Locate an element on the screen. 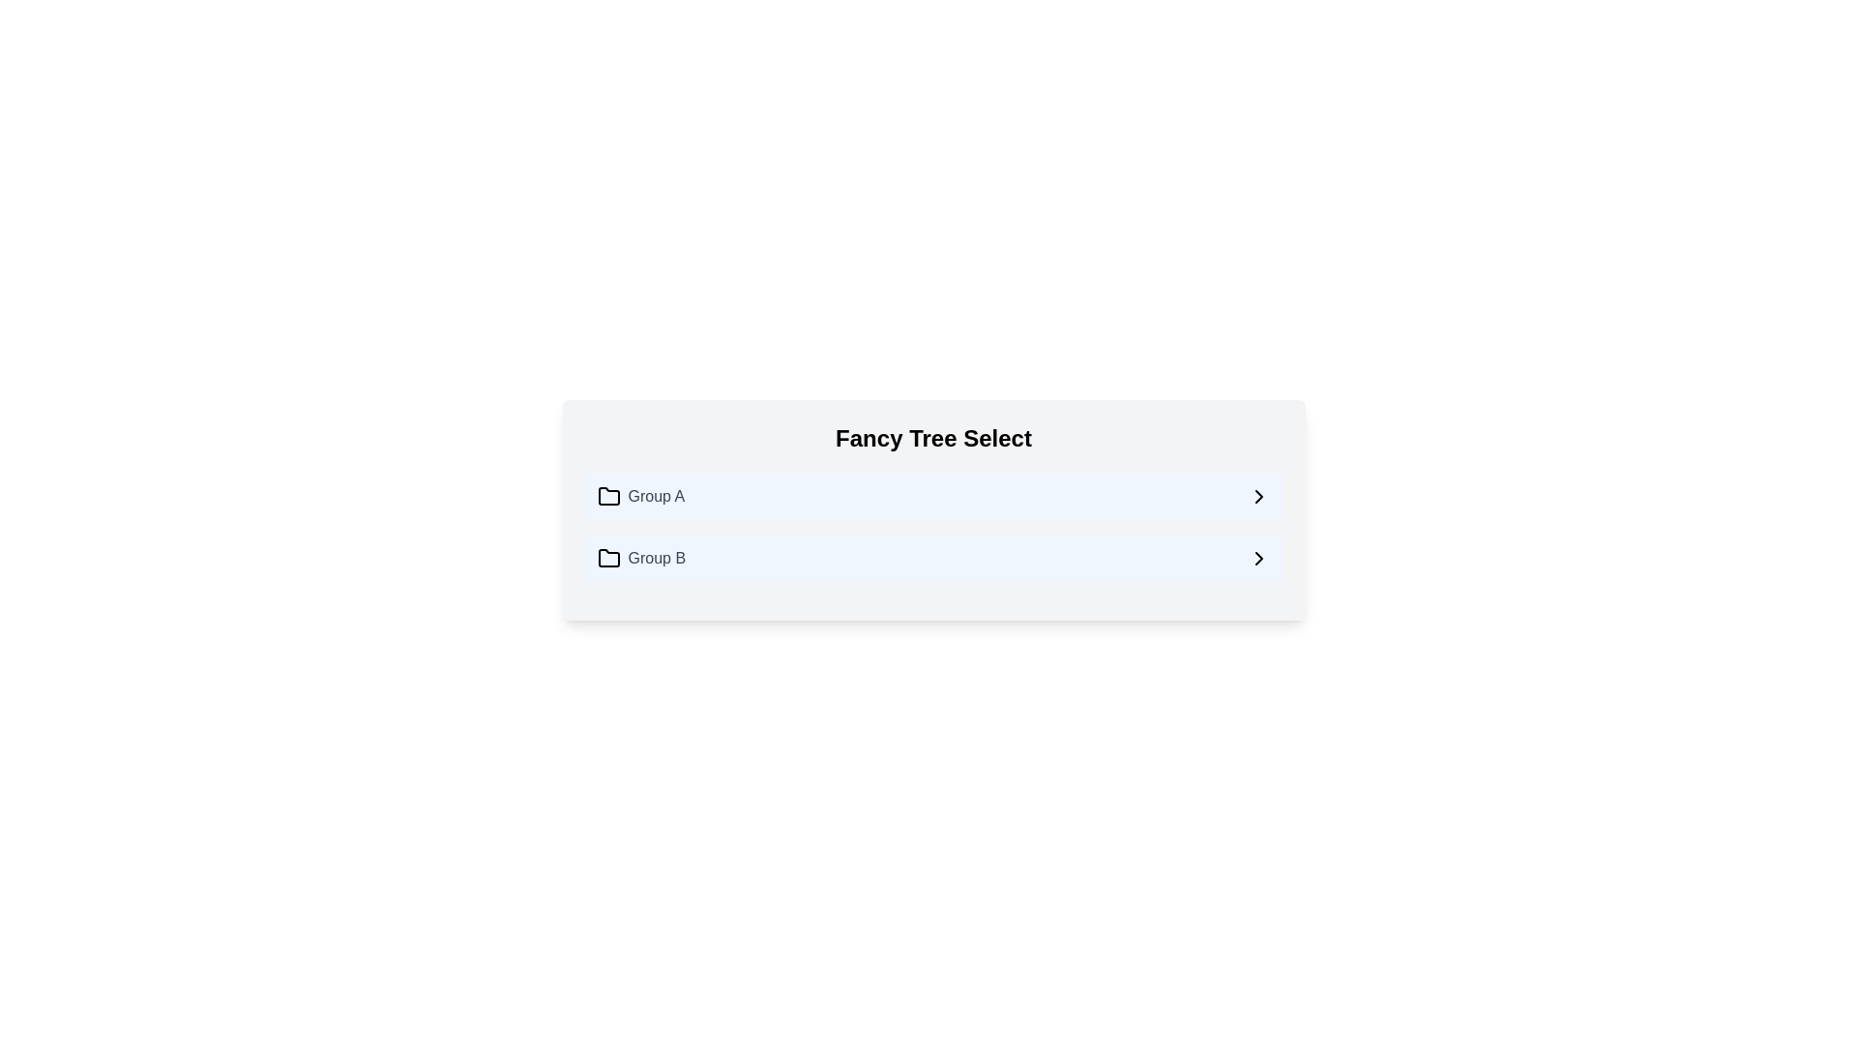 Image resolution: width=1857 pixels, height=1044 pixels. the first selectable list item labeled 'Group A' is located at coordinates (933, 495).